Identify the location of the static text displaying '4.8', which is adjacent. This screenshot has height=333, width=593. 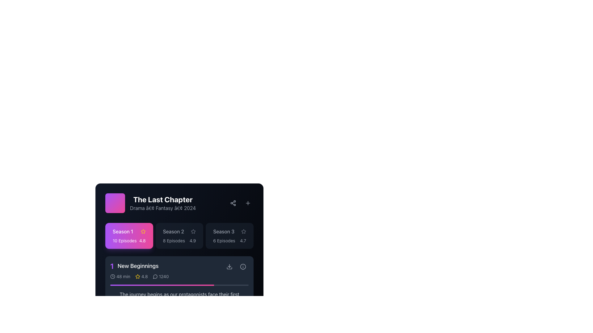
(144, 276).